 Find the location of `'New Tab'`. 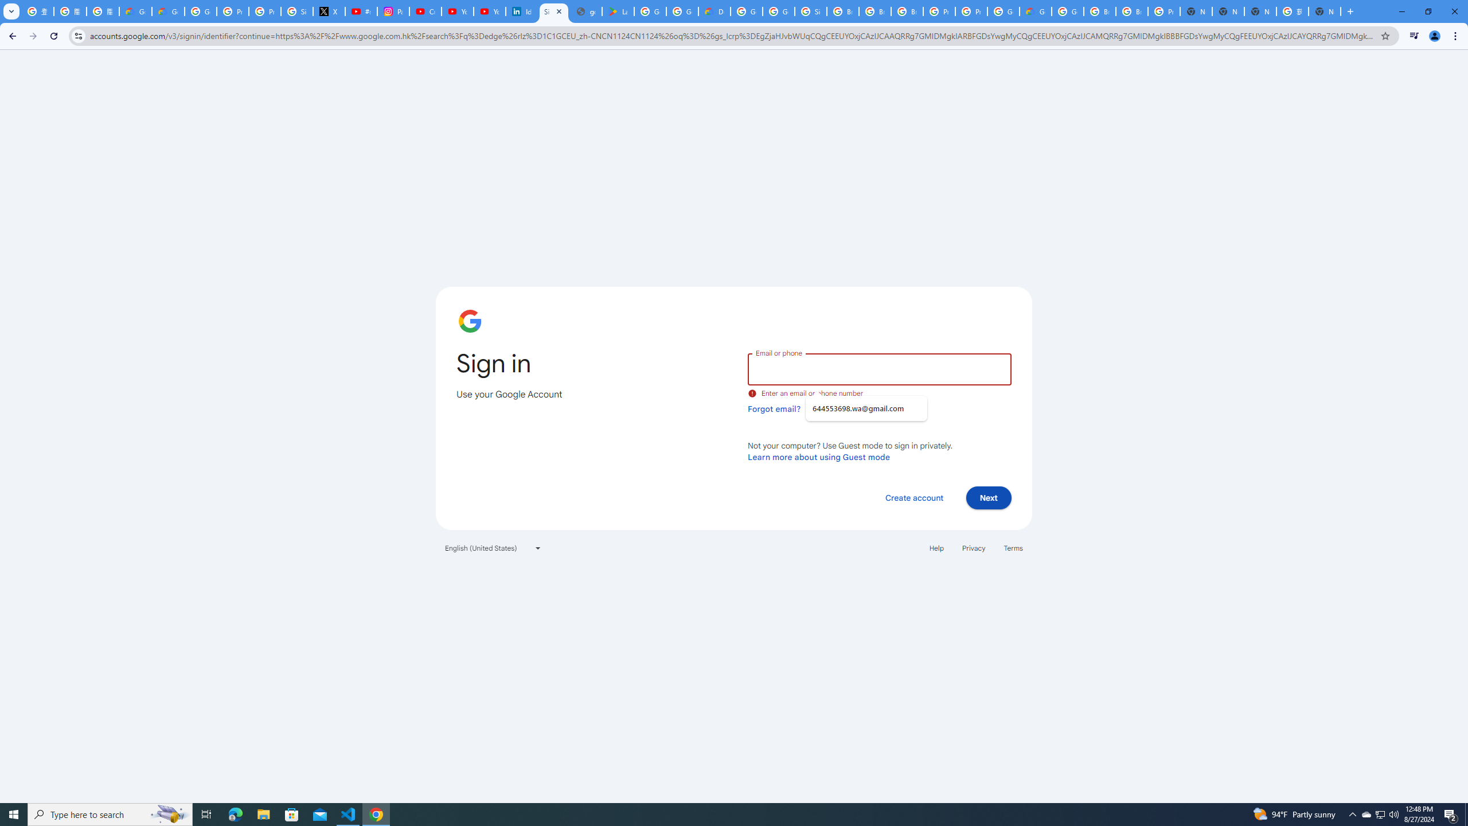

'New Tab' is located at coordinates (1325, 11).